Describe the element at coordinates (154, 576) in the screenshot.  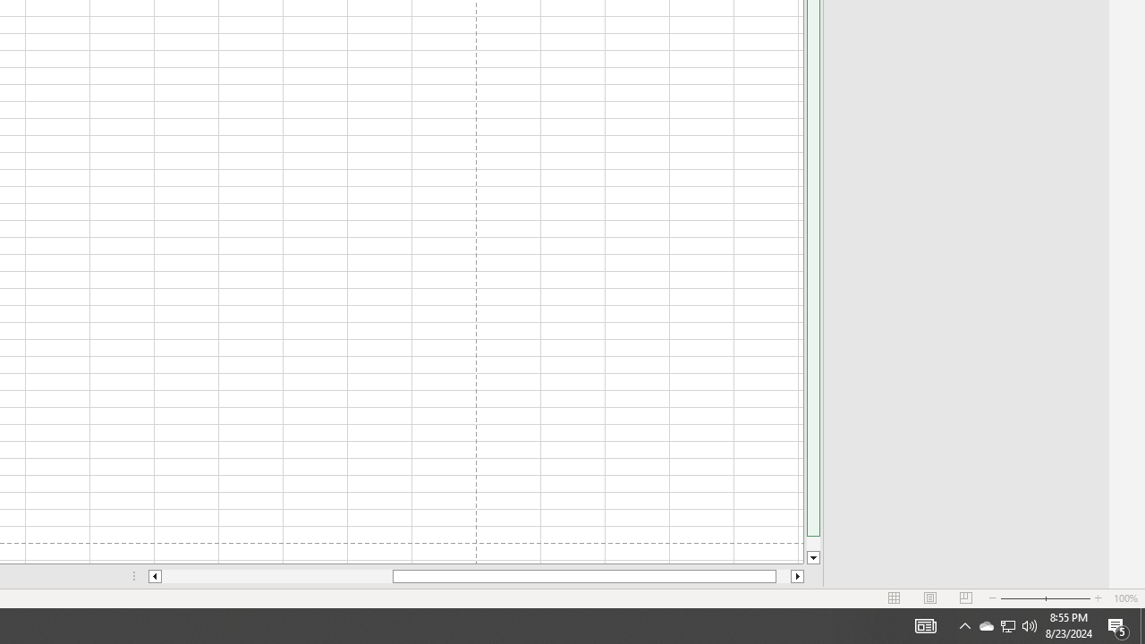
I see `'Column left'` at that location.